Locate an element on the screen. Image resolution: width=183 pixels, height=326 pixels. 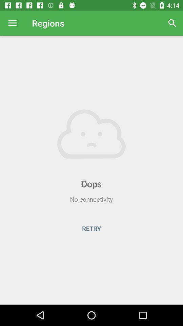
the item next to regions icon is located at coordinates (12, 23).